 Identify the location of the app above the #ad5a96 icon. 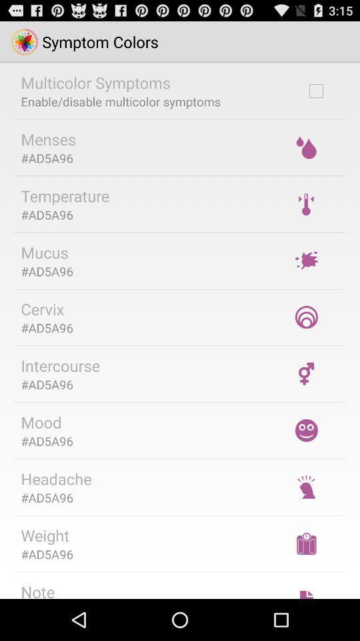
(64, 195).